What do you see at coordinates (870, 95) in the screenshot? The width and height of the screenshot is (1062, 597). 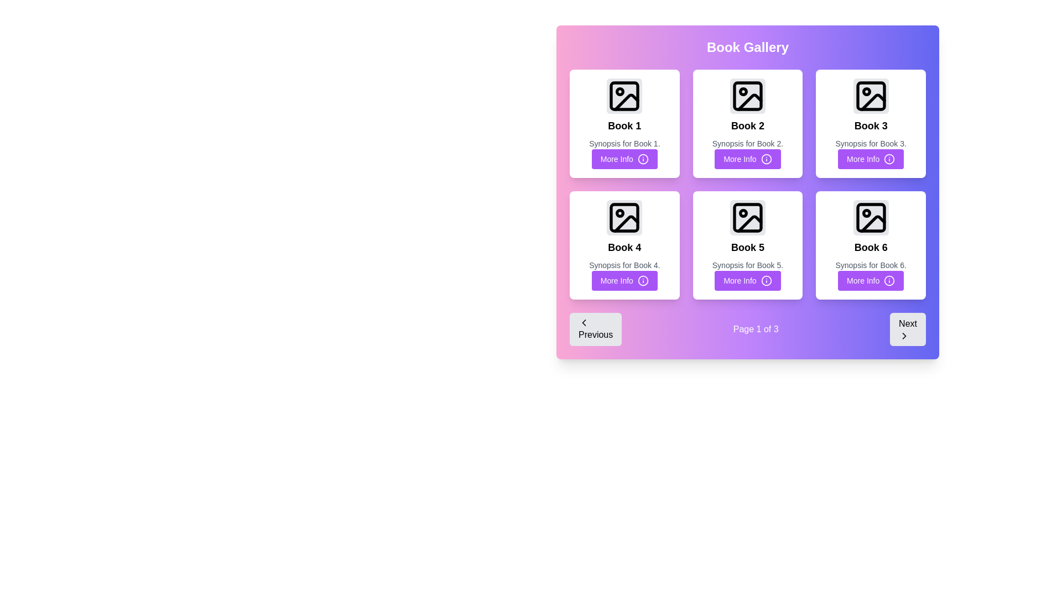 I see `the rounded rectangle inside the image icon of the 'Book 3' card located in the top-right corner of the 3x2 grid of book cards` at bounding box center [870, 95].